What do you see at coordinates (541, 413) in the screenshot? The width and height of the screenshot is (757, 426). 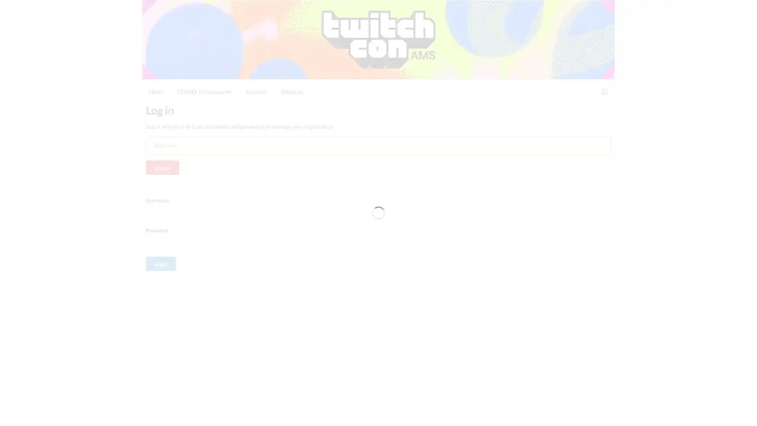 I see `Disable All` at bounding box center [541, 413].